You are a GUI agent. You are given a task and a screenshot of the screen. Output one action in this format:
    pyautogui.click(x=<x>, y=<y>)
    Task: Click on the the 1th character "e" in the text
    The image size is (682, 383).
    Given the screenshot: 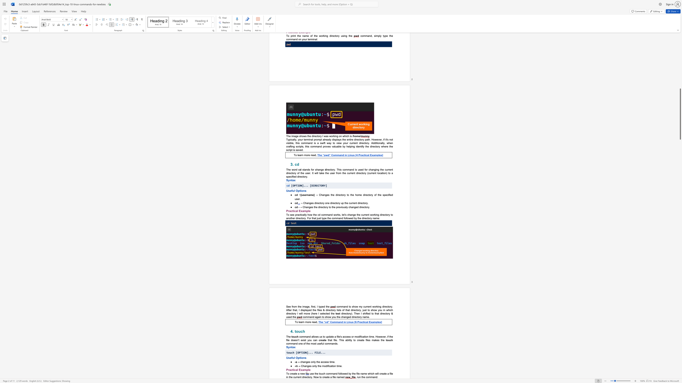 What is the action you would take?
    pyautogui.click(x=364, y=377)
    